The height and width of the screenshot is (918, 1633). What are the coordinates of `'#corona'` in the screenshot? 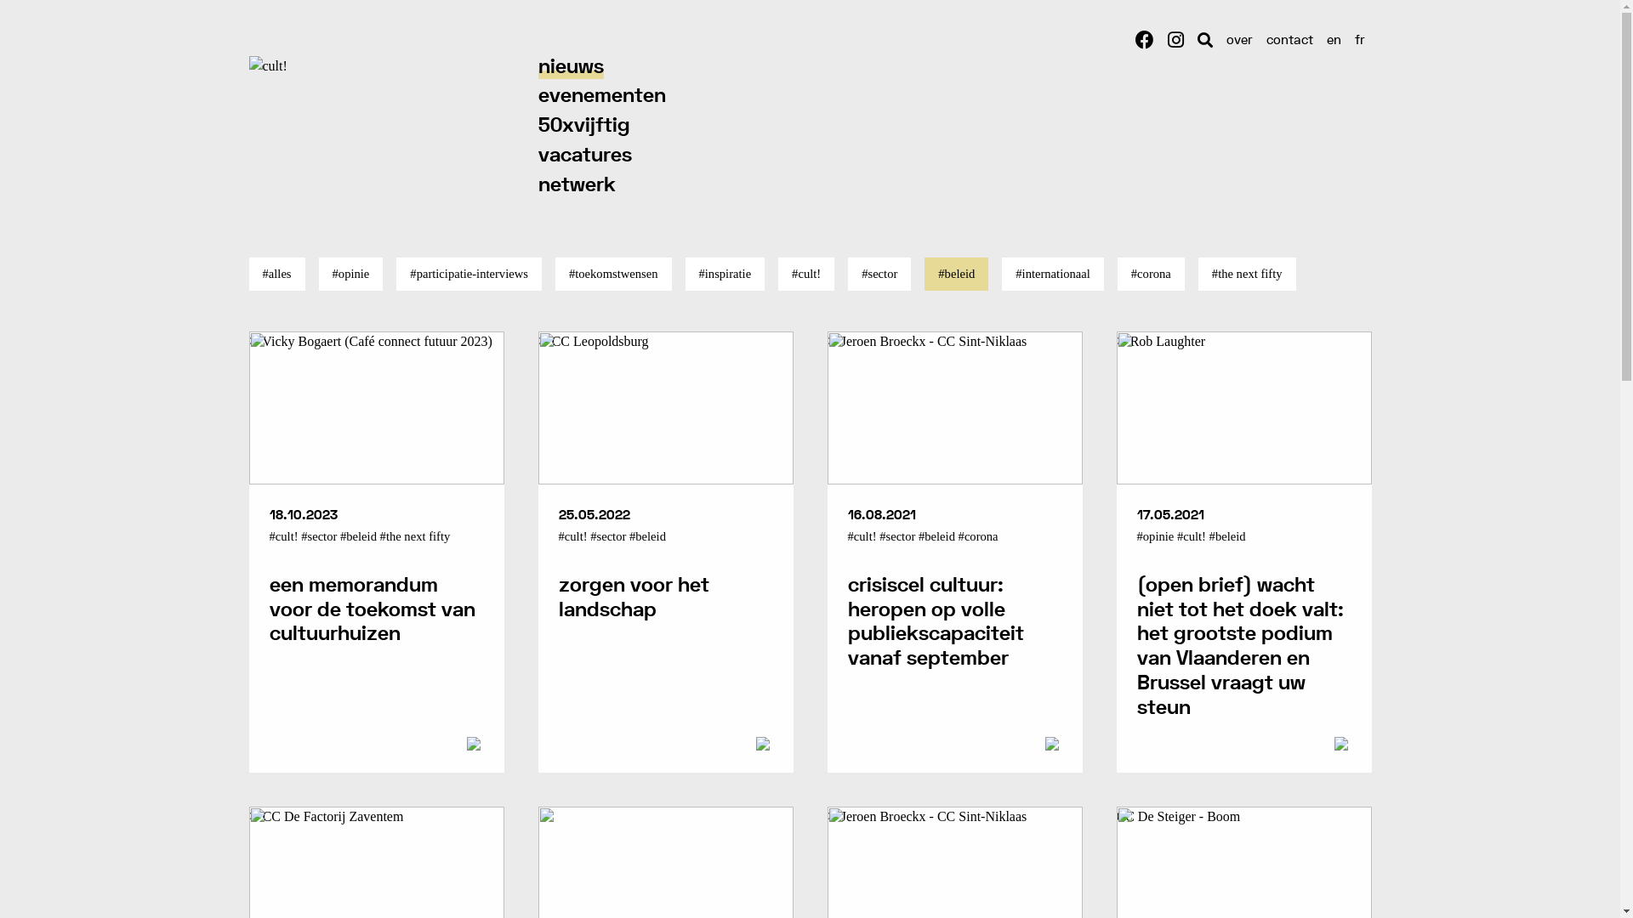 It's located at (1151, 273).